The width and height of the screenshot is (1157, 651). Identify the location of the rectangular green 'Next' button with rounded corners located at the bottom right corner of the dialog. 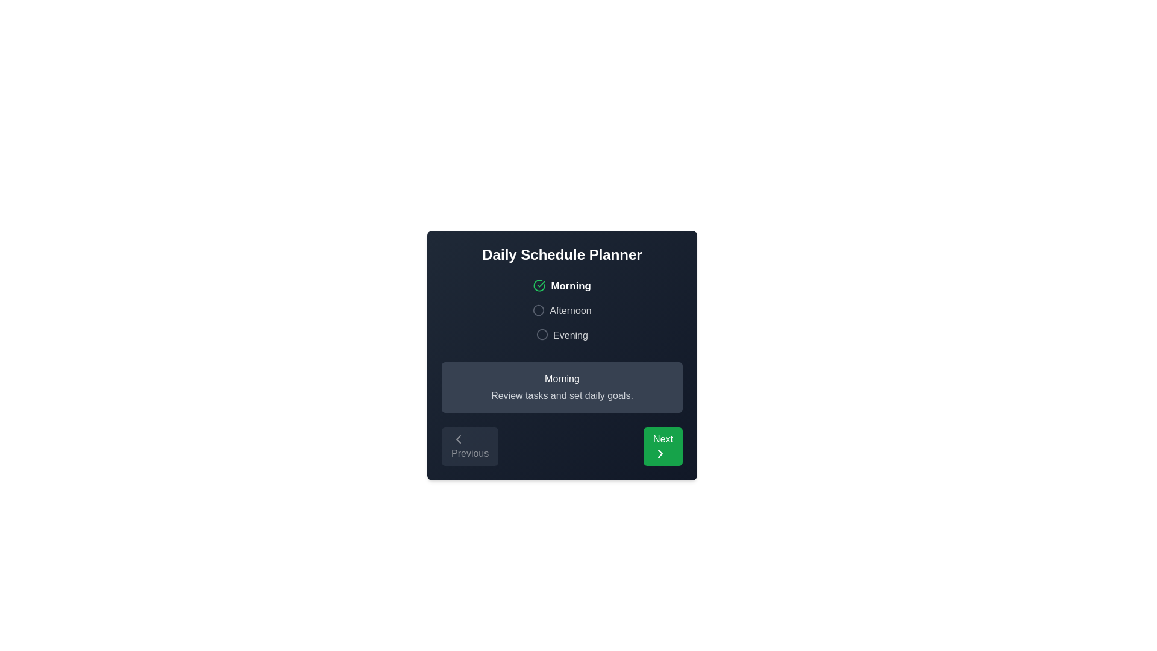
(662, 447).